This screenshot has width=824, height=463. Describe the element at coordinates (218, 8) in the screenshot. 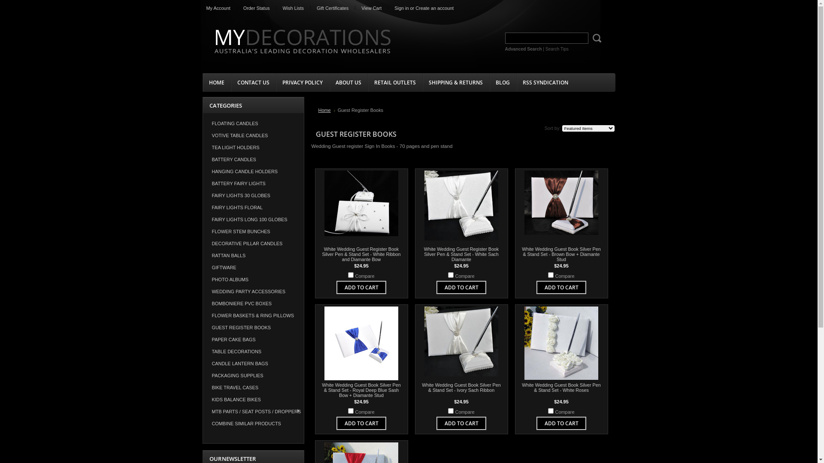

I see `'My Account'` at that location.